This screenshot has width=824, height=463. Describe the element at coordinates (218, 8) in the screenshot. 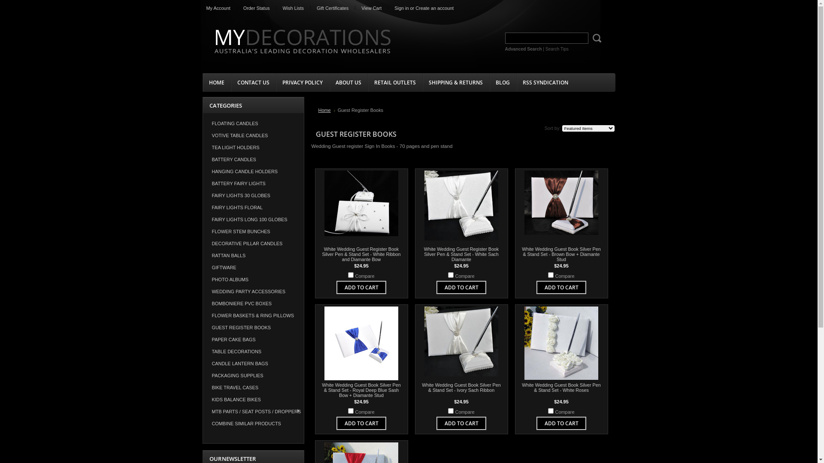

I see `'My Account'` at that location.